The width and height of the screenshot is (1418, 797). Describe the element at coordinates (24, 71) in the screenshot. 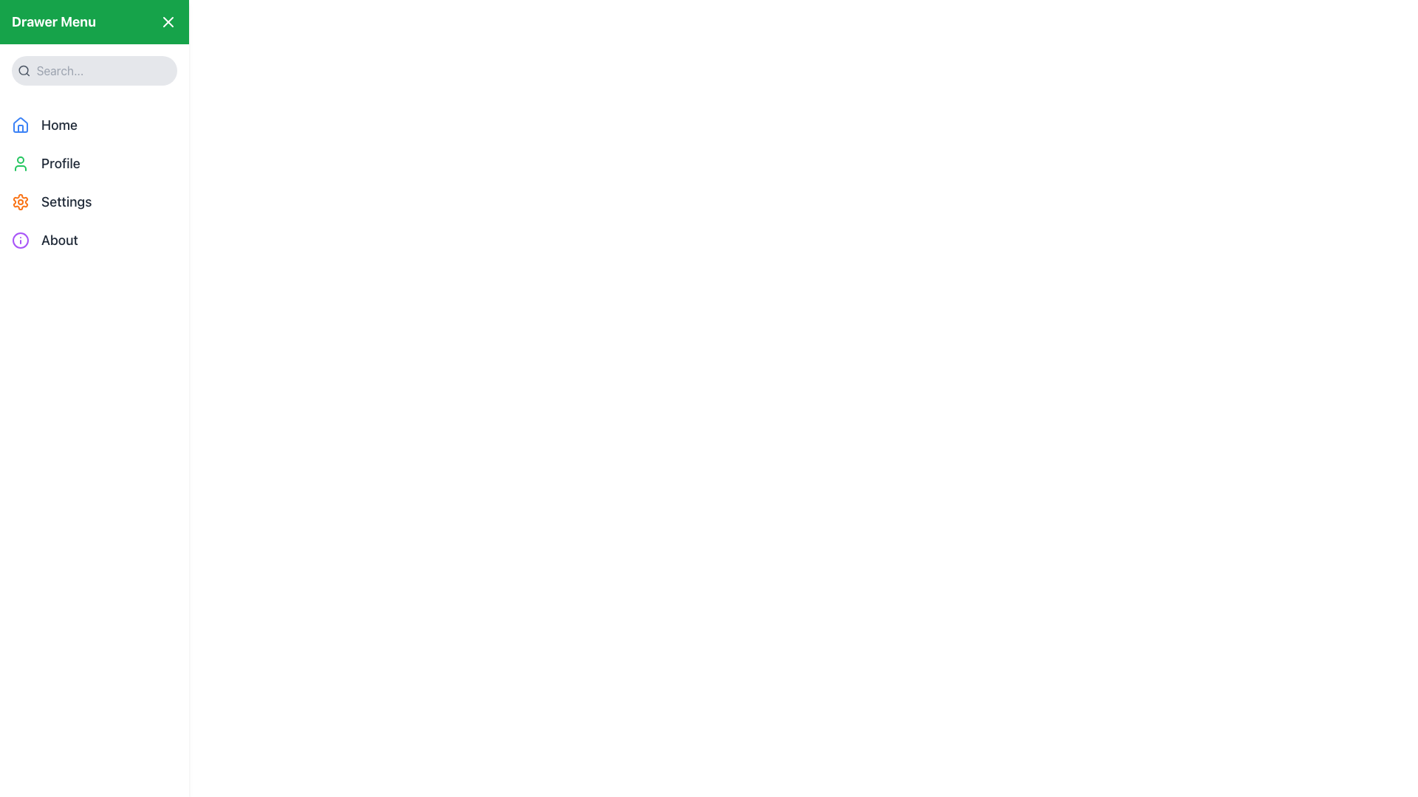

I see `the search magnifying glass icon located at the top-left corner of the sidebar, inside a horizontal bar containing a search input field` at that location.